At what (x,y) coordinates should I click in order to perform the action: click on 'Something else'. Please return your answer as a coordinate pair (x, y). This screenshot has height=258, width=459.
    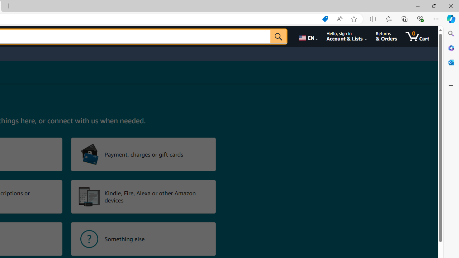
    Looking at the image, I should click on (143, 239).